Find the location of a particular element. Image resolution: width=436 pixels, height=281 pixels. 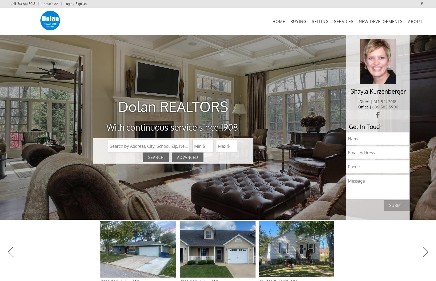

'About' is located at coordinates (415, 25).